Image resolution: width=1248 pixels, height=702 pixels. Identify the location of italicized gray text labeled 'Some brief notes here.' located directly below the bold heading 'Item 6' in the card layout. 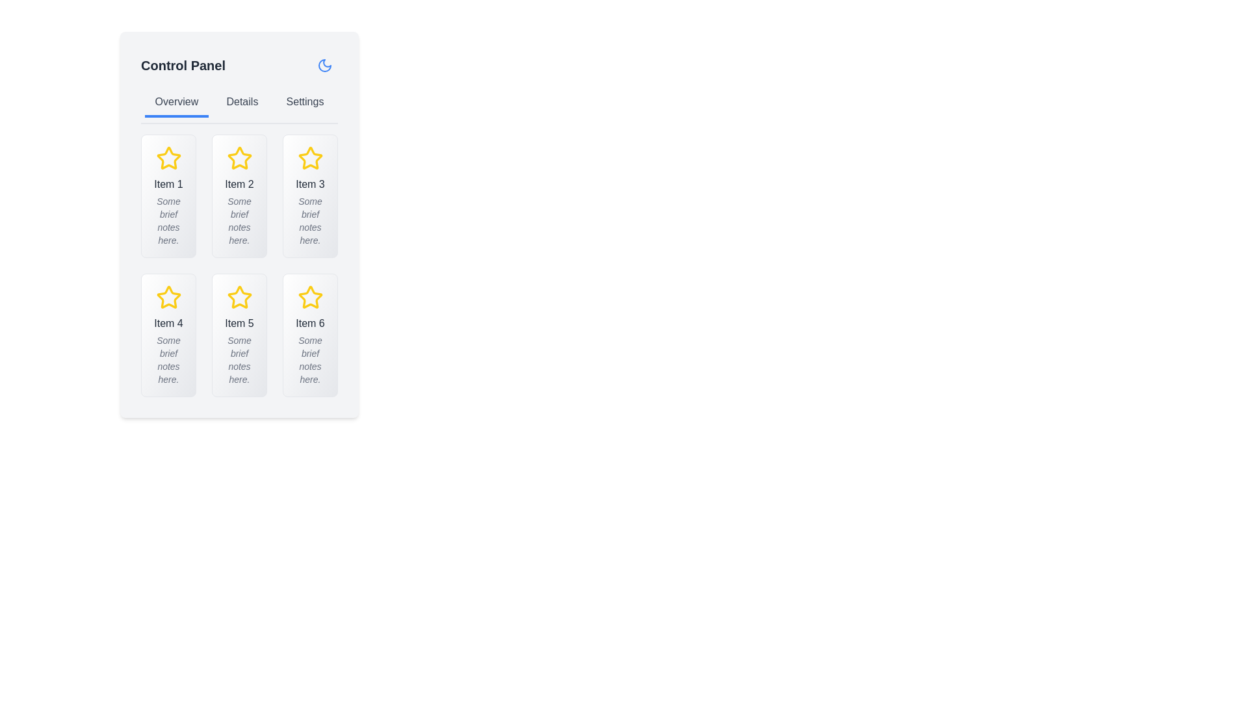
(309, 360).